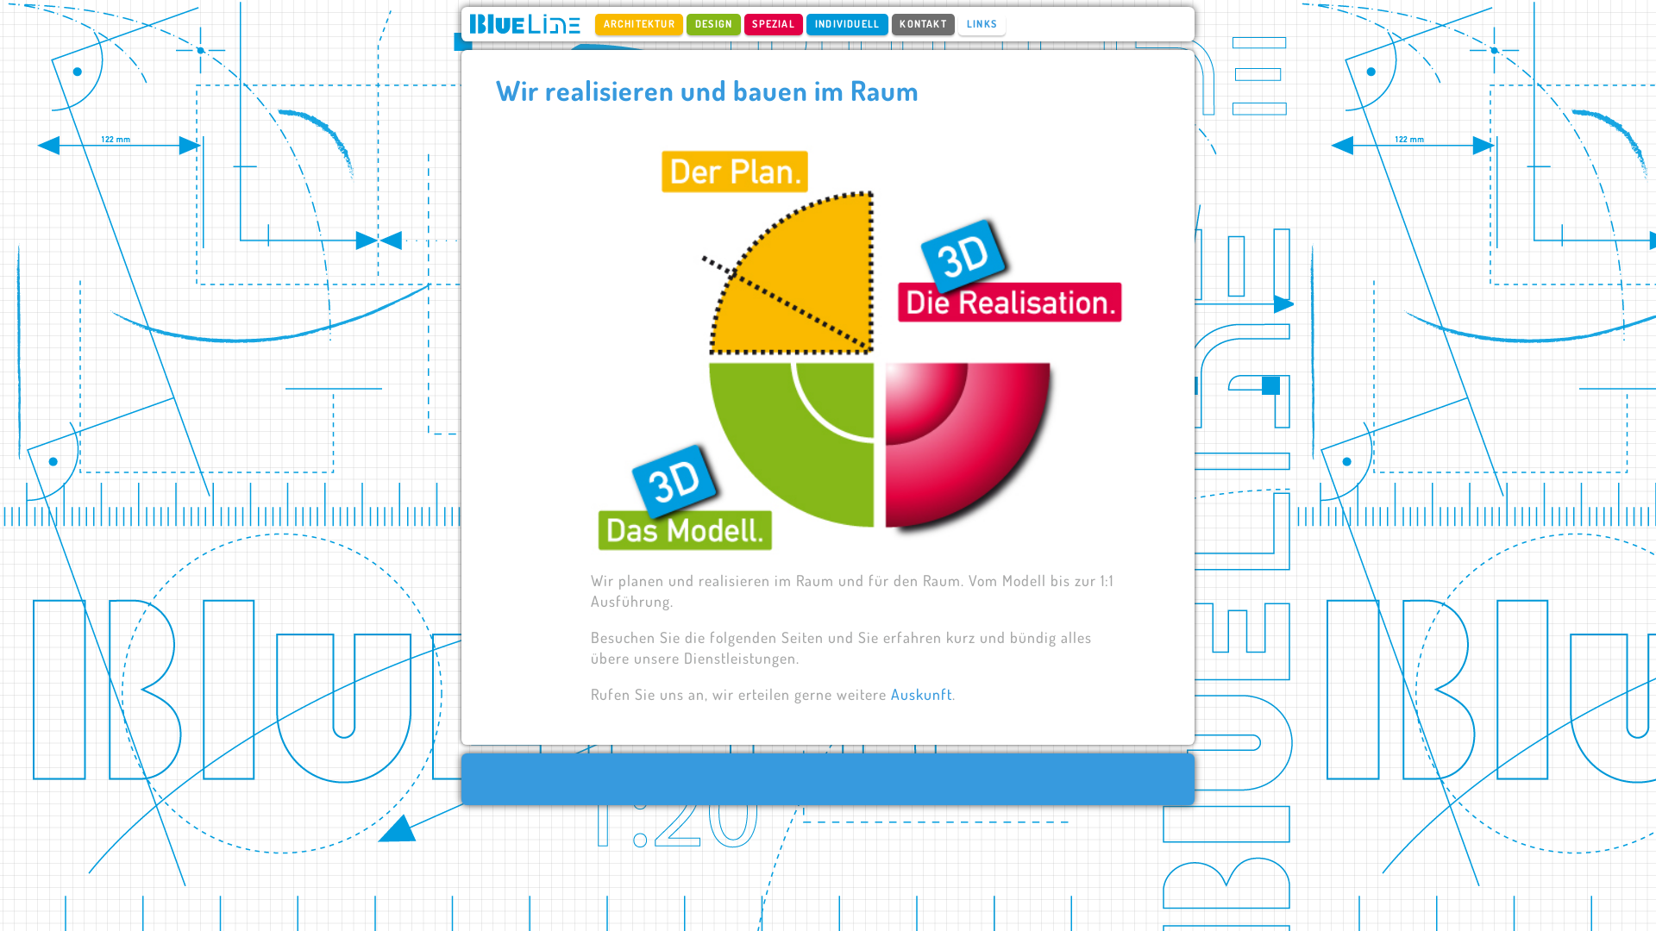 The height and width of the screenshot is (931, 1656). I want to click on 'INDIVIDUELL', so click(847, 24).